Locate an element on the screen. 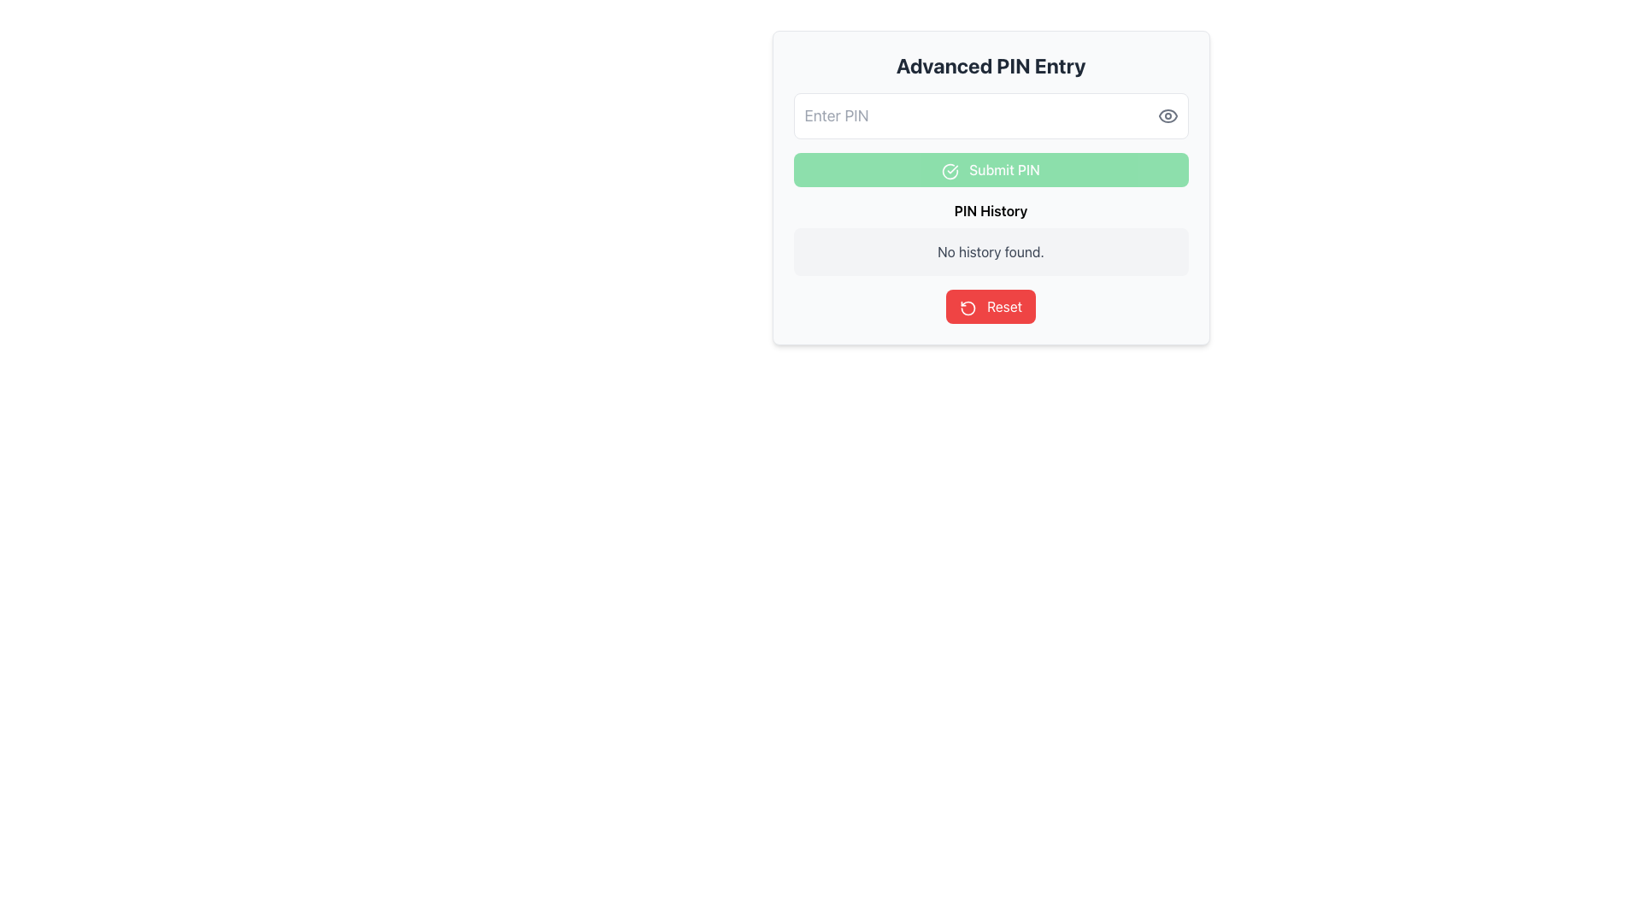 The height and width of the screenshot is (923, 1641). the eye-shaped icon button located to the immediate right of the 'Enter PIN' input field is located at coordinates (1167, 115).